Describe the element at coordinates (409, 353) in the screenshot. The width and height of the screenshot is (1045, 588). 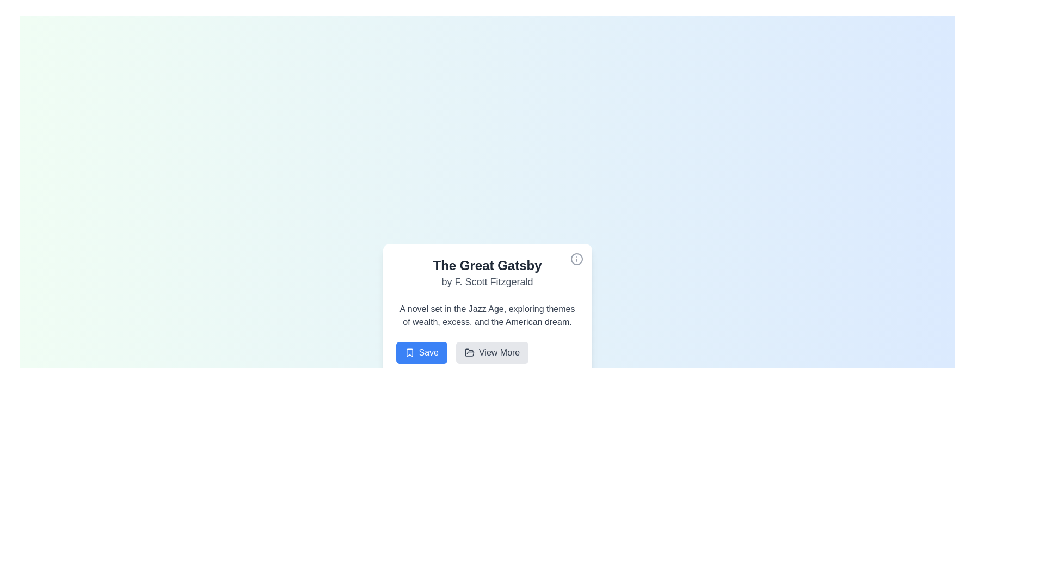
I see `the 'Save' button, which is the leftmost button at the bottom of the card, featuring a blue background and white text` at that location.